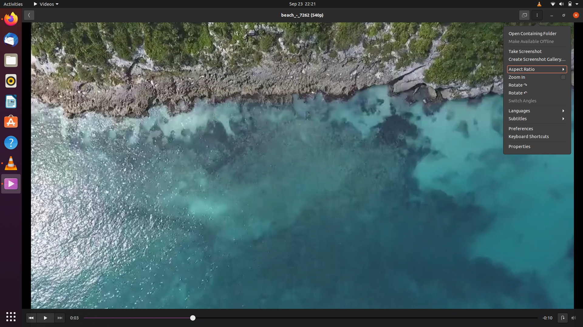  What do you see at coordinates (527, 317) in the screenshot?
I see `Go to the end of the current video` at bounding box center [527, 317].